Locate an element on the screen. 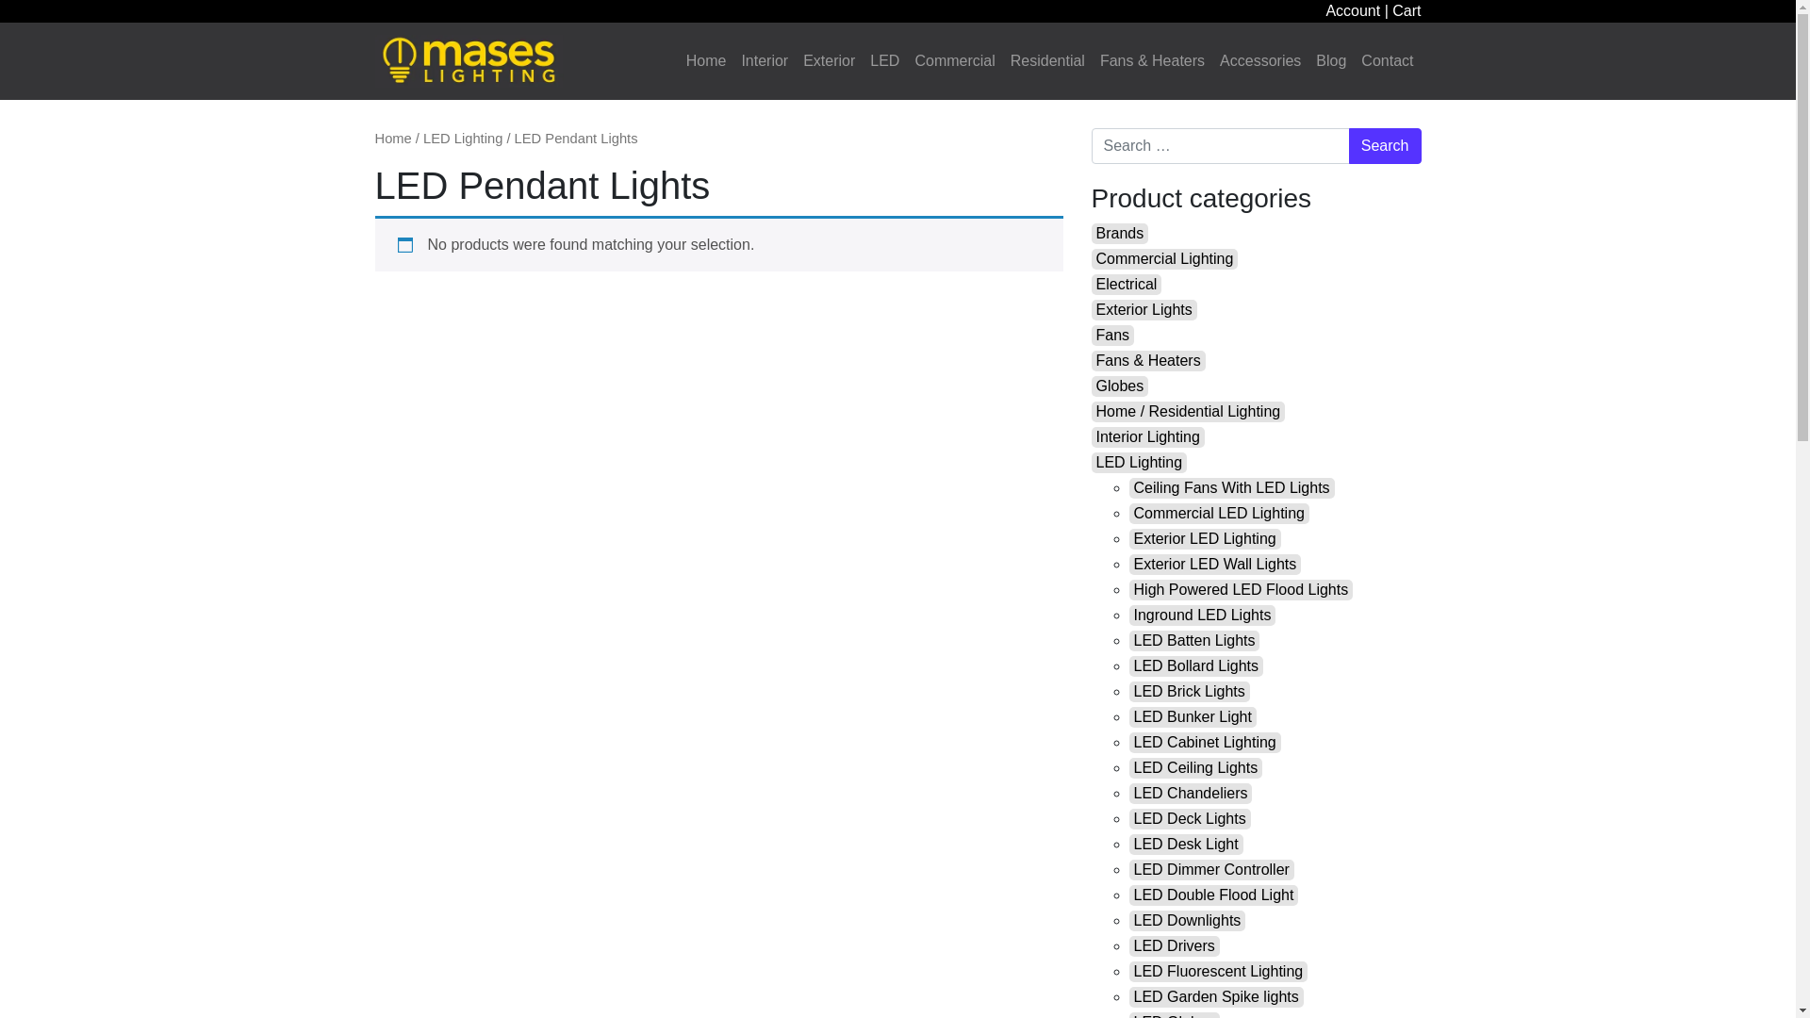  'LED Bollard Lights' is located at coordinates (1195, 665).